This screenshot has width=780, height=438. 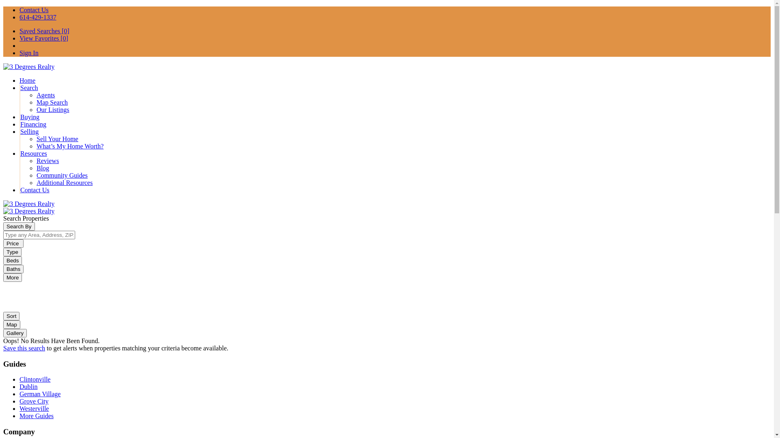 What do you see at coordinates (44, 30) in the screenshot?
I see `'Saved Searches [0]'` at bounding box center [44, 30].